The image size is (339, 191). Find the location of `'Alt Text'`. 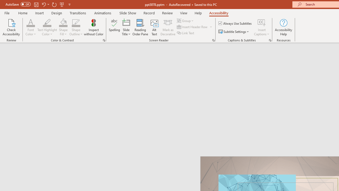

'Alt Text' is located at coordinates (154, 27).